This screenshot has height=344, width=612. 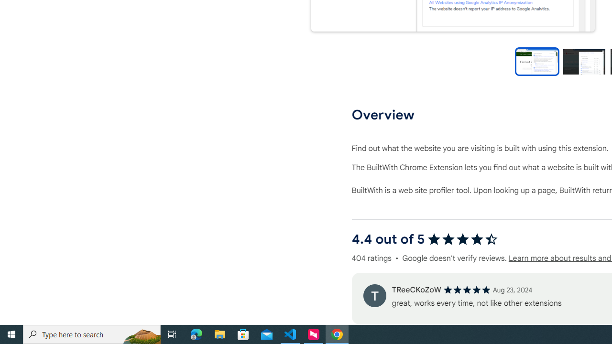 I want to click on 'Preview slide 2', so click(x=583, y=61).